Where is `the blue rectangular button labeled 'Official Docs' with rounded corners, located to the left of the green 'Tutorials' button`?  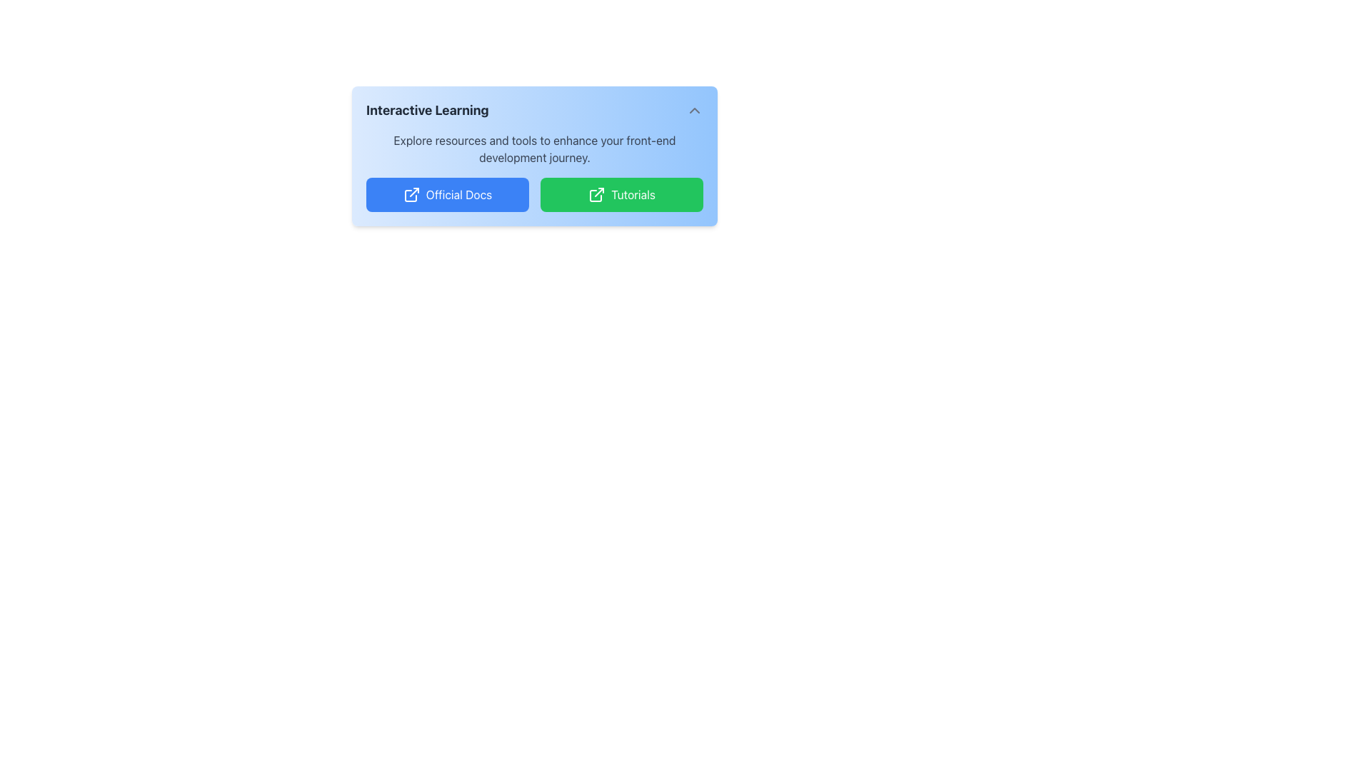
the blue rectangular button labeled 'Official Docs' with rounded corners, located to the left of the green 'Tutorials' button is located at coordinates (447, 195).